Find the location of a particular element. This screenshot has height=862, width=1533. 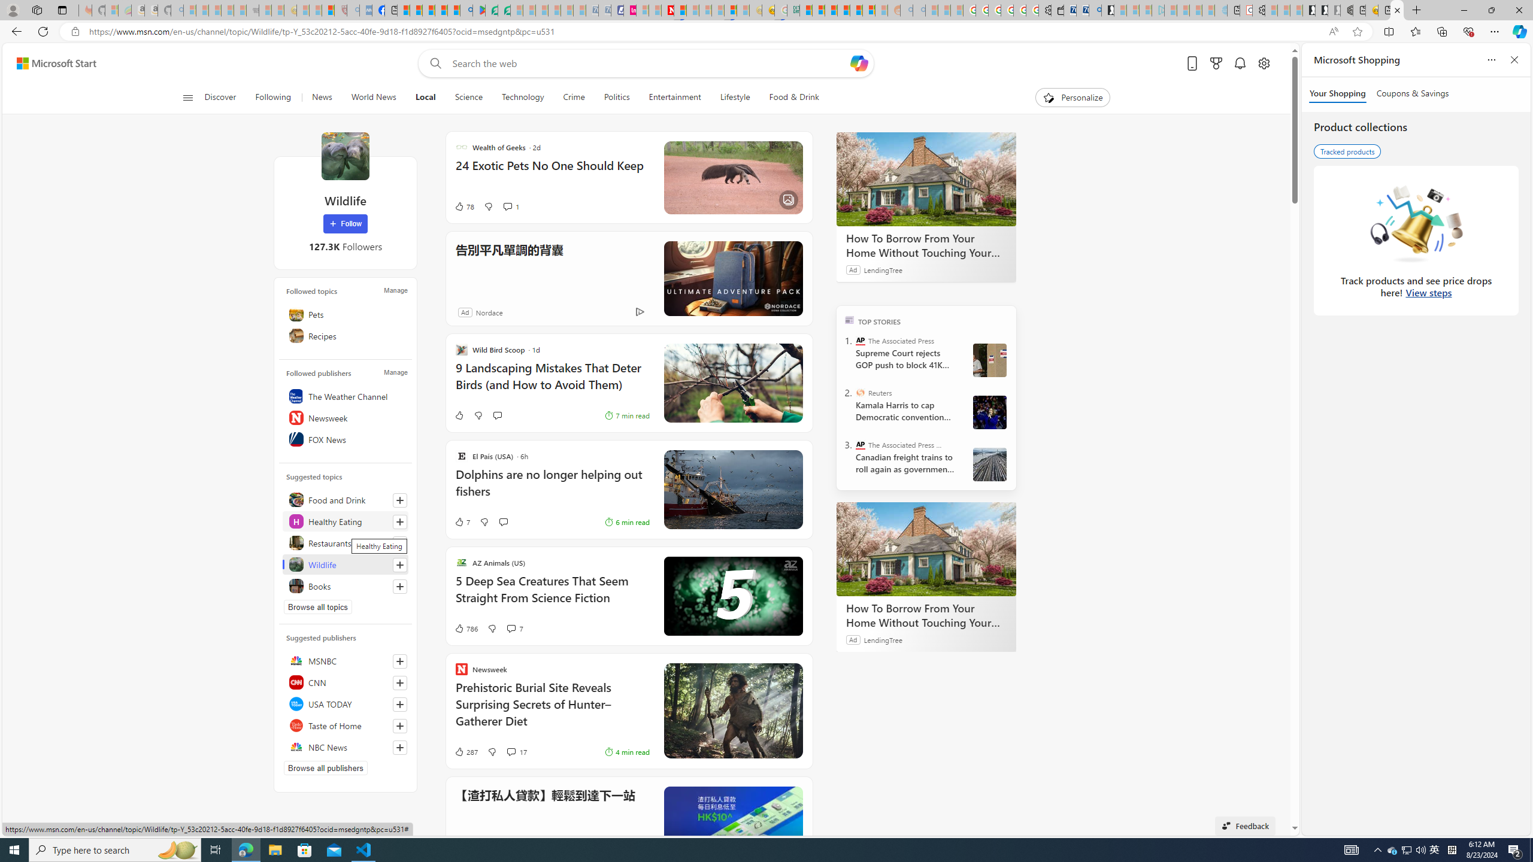

'Food & Drink' is located at coordinates (793, 97).